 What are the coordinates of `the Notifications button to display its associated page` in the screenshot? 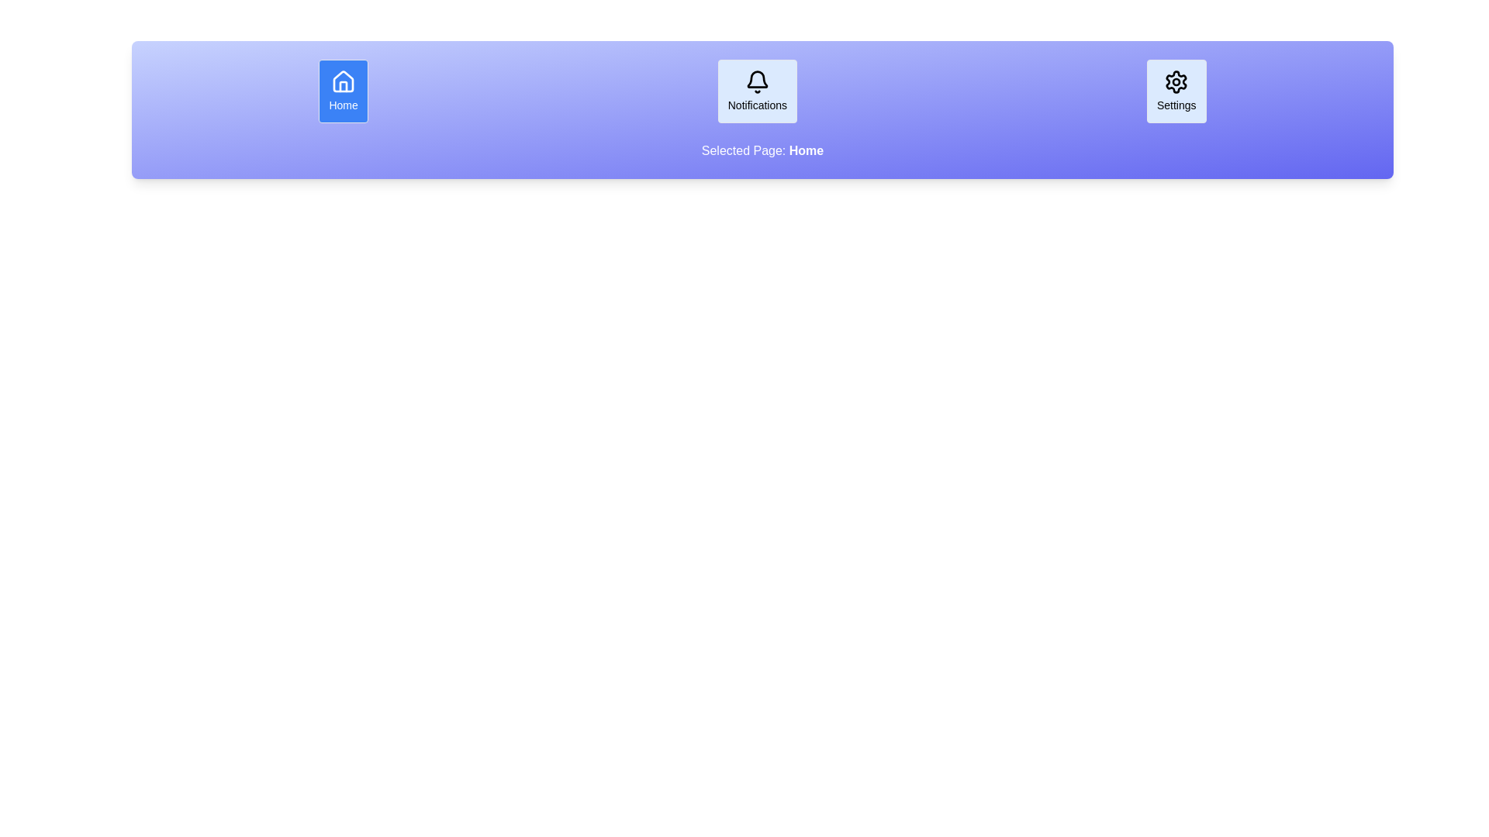 It's located at (758, 91).